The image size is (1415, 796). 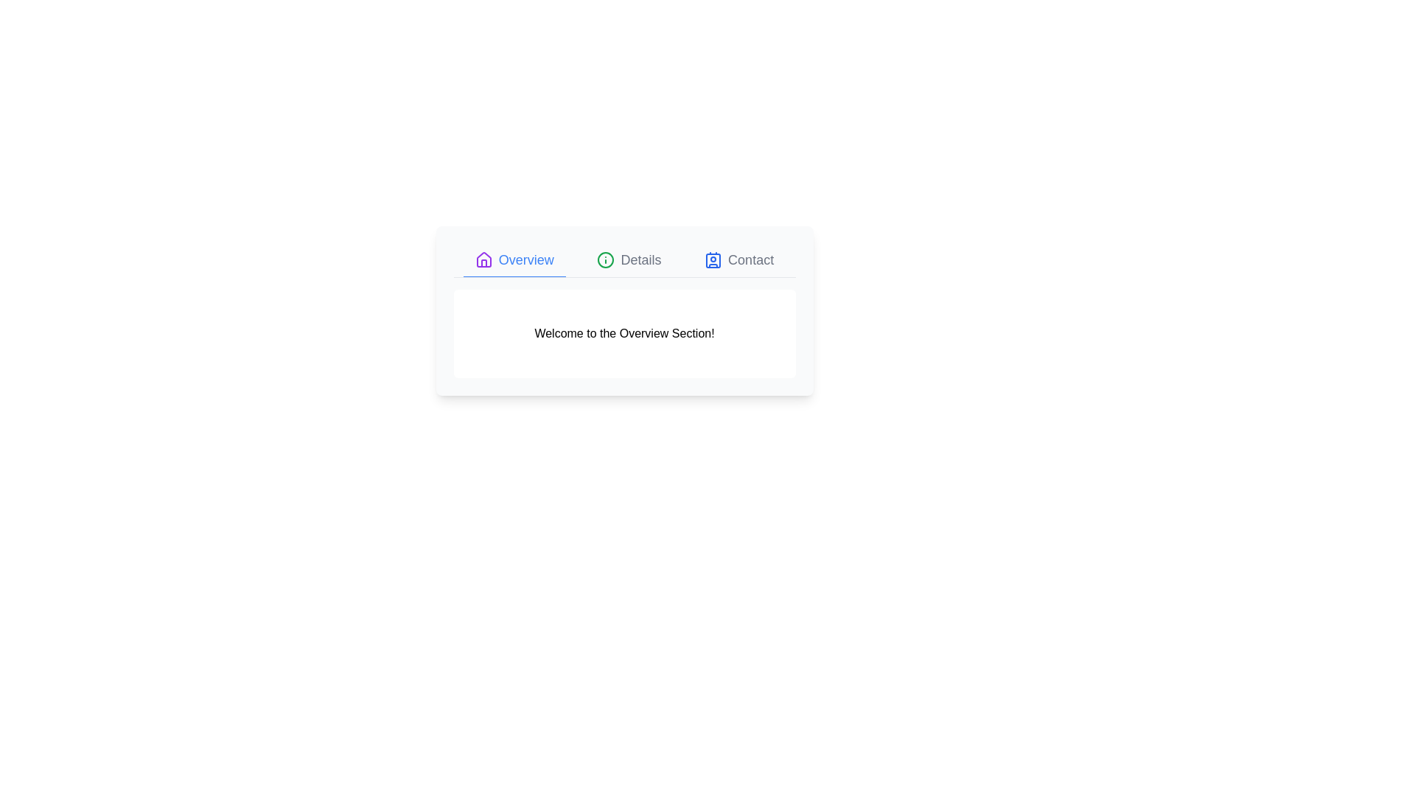 I want to click on the Details tab to examine its content, so click(x=629, y=259).